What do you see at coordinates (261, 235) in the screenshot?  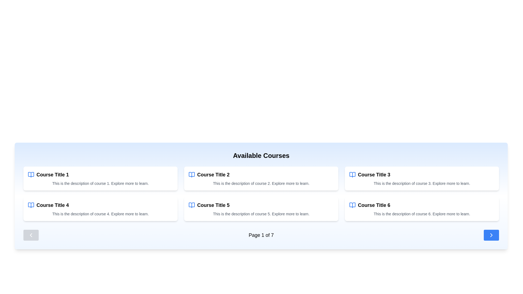 I see `the text display indicating the current page number, which shows 'Page 1 of 7', located at the bottom center of the 'Available Courses' section` at bounding box center [261, 235].